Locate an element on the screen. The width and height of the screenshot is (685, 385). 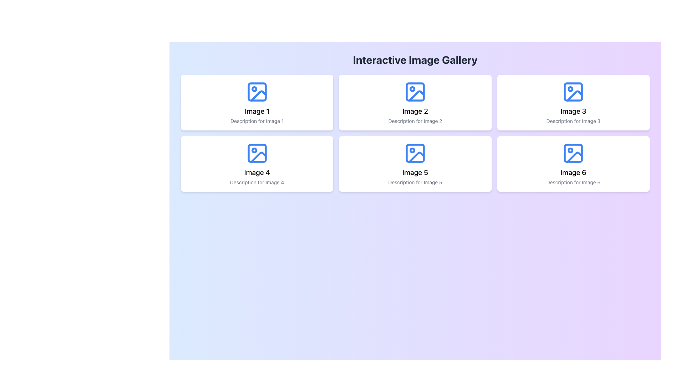
the circular marker located in the upper-left corner of the image thumbnail representing 'Image 5' in the gallery layout is located at coordinates (412, 150).